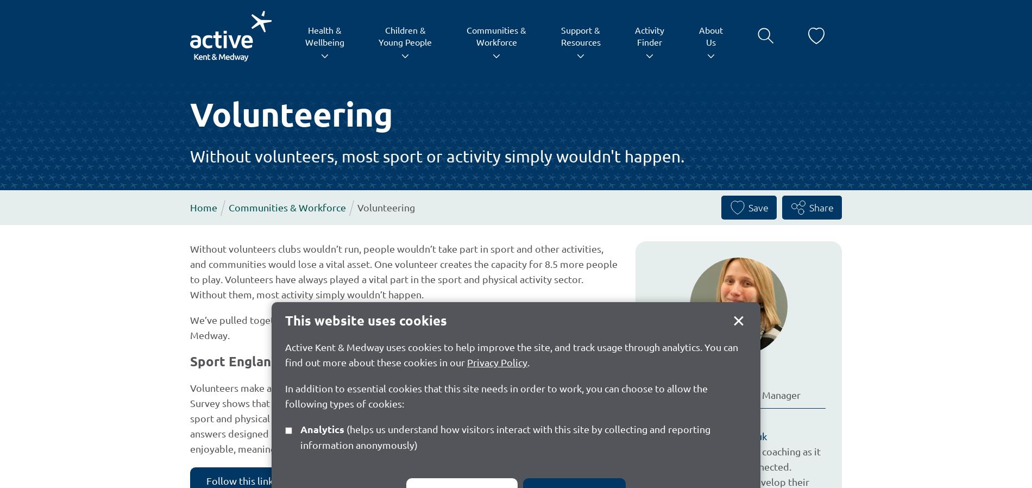  Describe the element at coordinates (723, 436) in the screenshot. I see `'l.arnold@kent.ac.uk'` at that location.